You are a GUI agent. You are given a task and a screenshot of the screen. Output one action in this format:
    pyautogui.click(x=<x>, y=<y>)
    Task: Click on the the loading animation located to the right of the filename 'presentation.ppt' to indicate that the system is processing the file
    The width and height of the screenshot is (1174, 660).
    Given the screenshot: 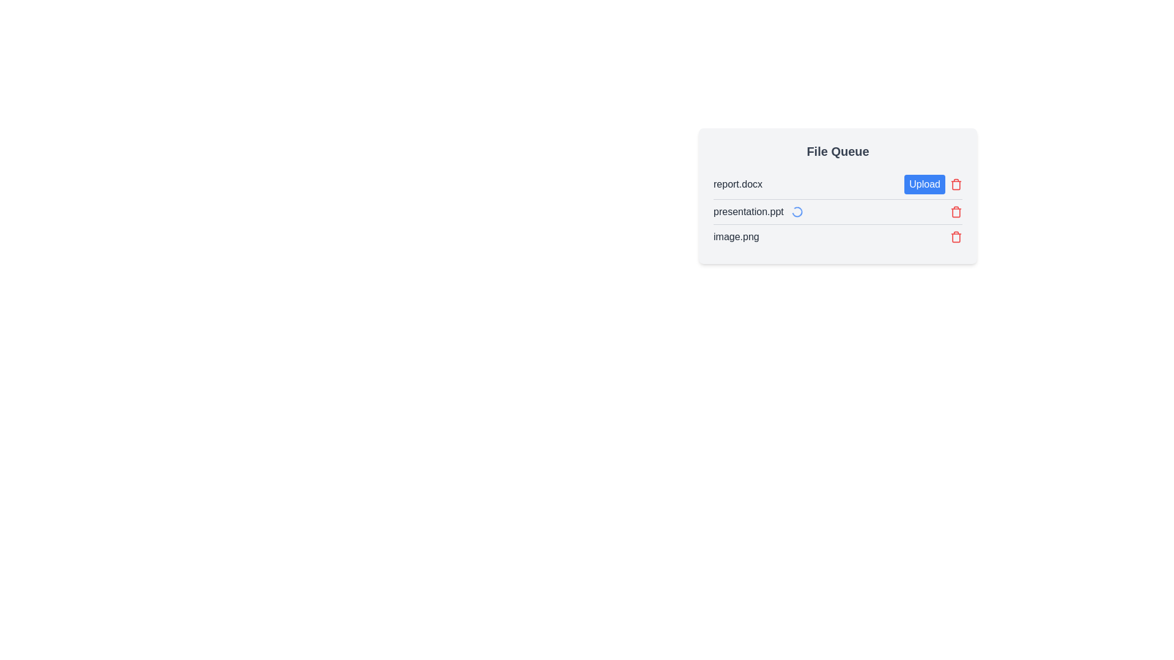 What is the action you would take?
    pyautogui.click(x=797, y=211)
    